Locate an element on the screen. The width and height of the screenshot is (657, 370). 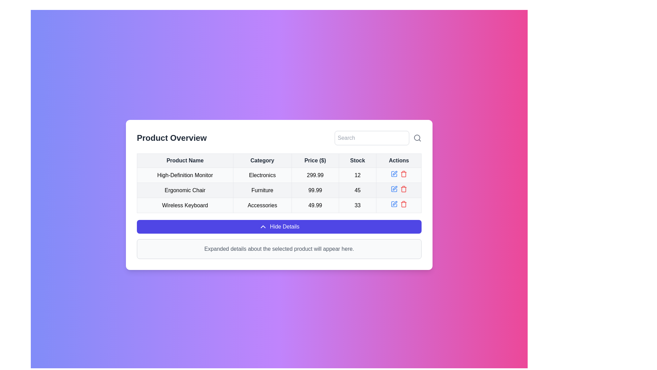
the icon in the last row of the 'Actions' column associated with managing or editing the 'Wireless Keyboard' entry is located at coordinates (394, 174).